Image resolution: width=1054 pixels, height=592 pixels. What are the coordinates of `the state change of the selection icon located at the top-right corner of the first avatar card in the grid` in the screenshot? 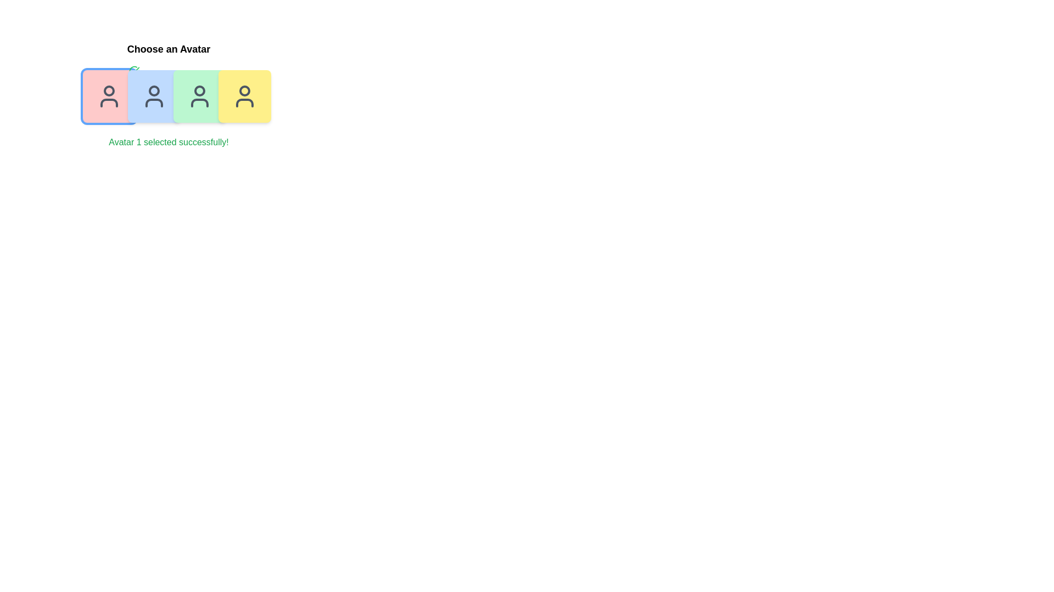 It's located at (133, 71).